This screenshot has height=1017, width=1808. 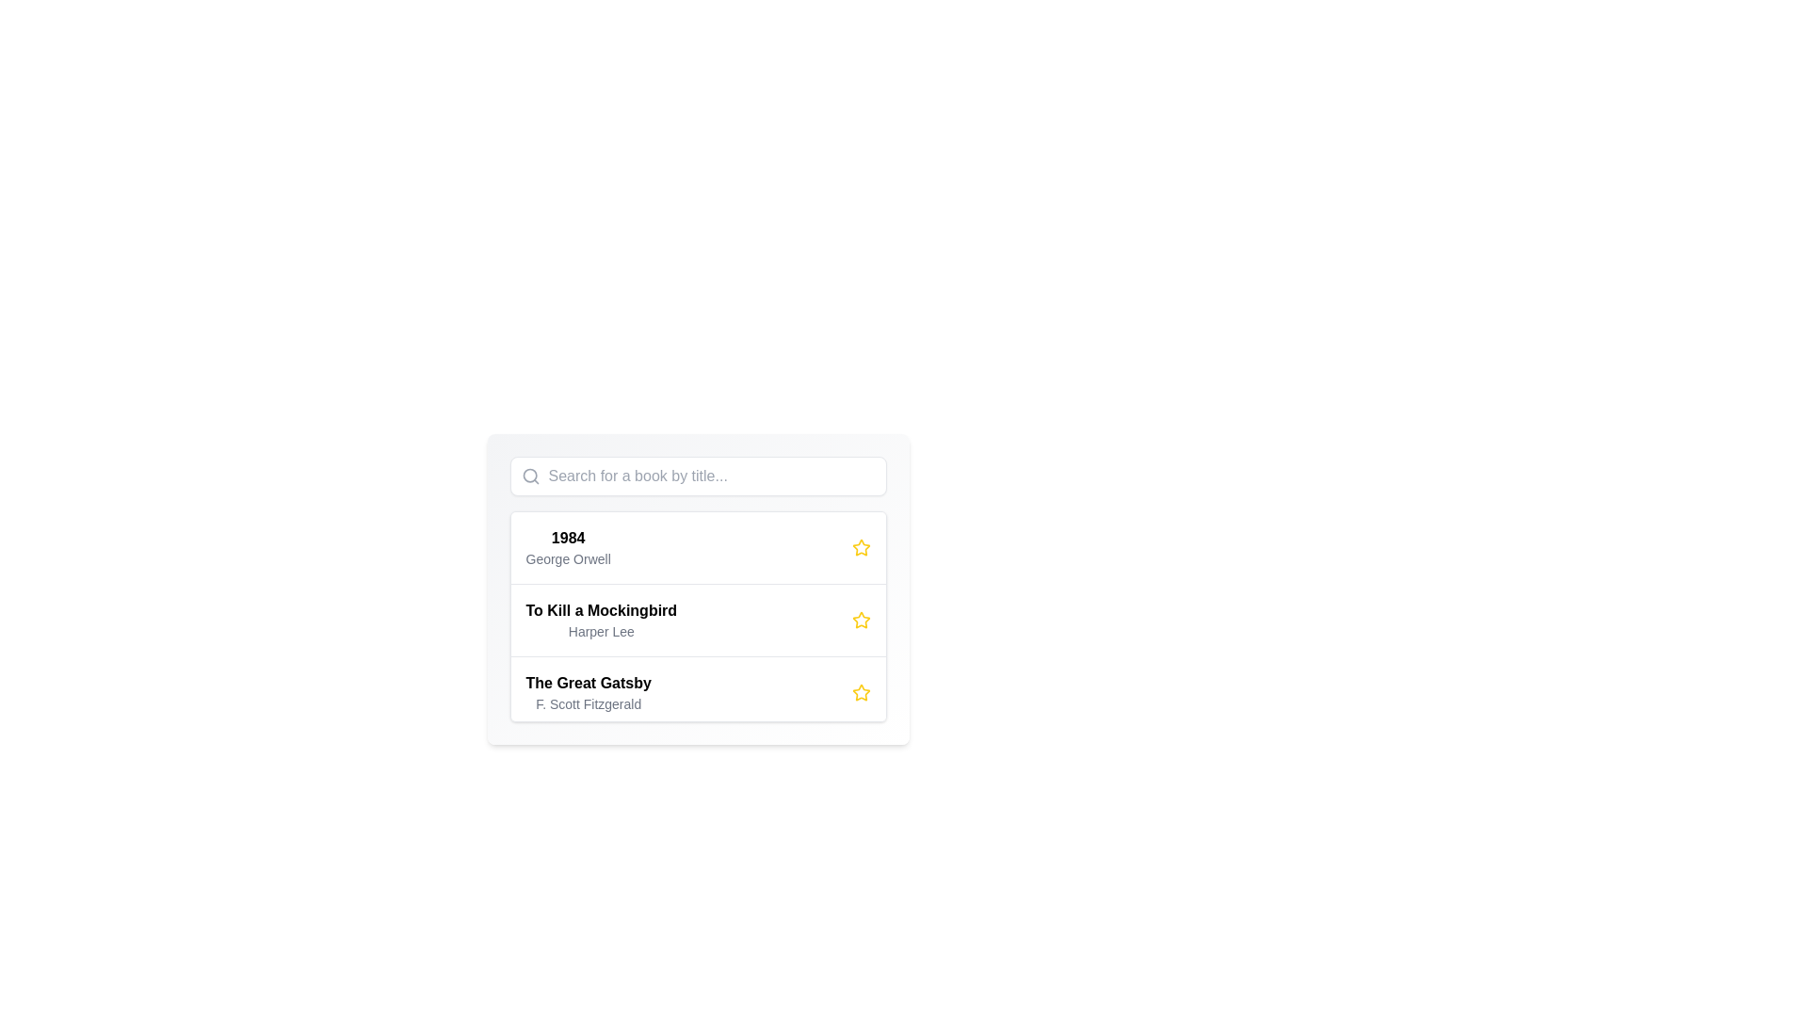 What do you see at coordinates (860, 621) in the screenshot?
I see `the star icon located on the right side of the list item for 'To Kill a Mockingbird' to mark it as favorite` at bounding box center [860, 621].